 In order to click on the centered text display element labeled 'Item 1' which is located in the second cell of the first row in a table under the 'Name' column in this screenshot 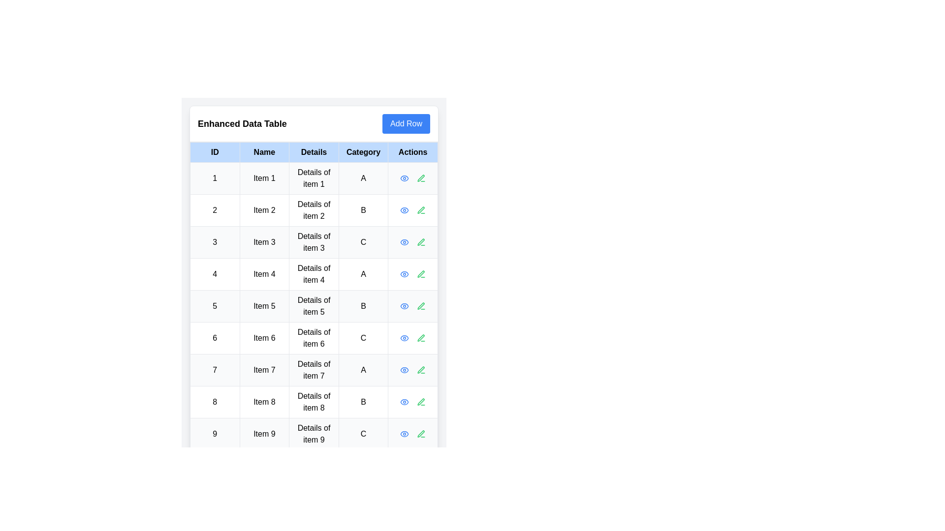, I will do `click(264, 178)`.